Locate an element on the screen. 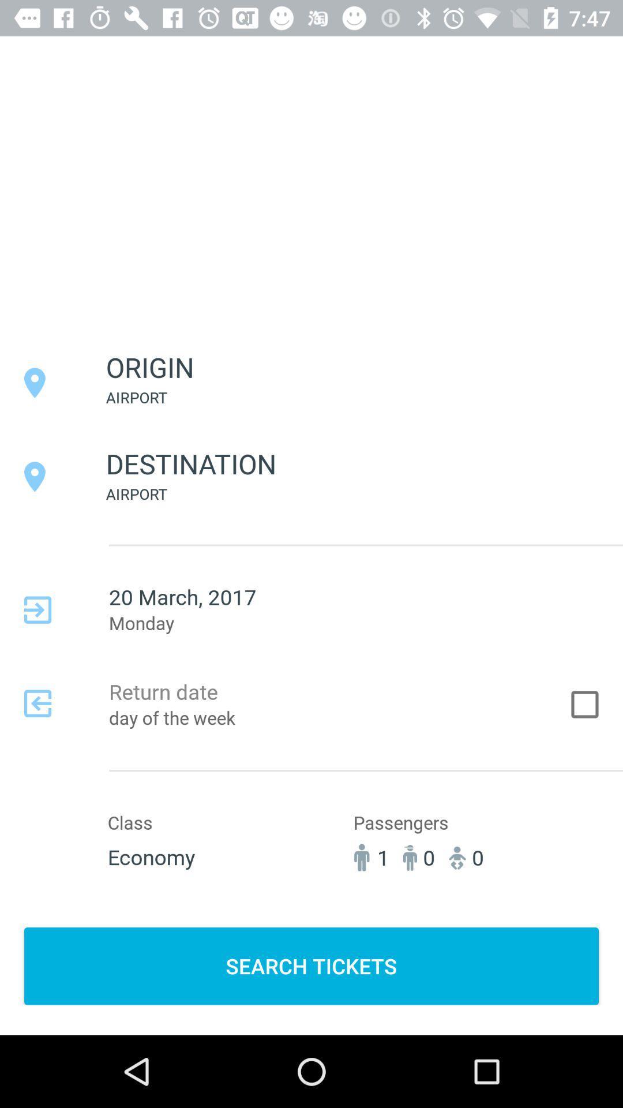 The height and width of the screenshot is (1108, 623). passengers is located at coordinates (438, 847).